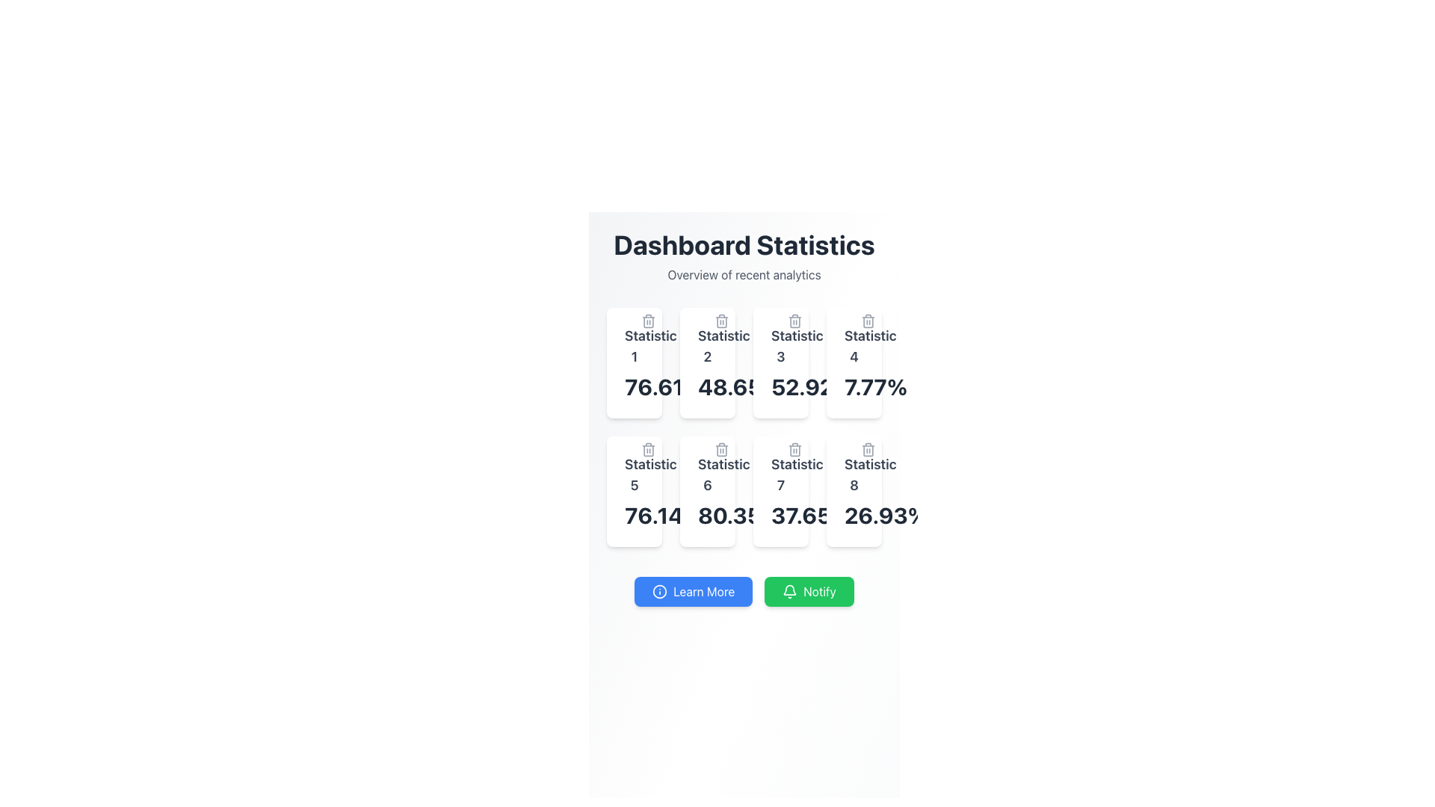 The height and width of the screenshot is (807, 1435). What do you see at coordinates (854, 515) in the screenshot?
I see `the Text Display element that shows '26.93%' in bold font, located in the bottom-right card labeled 'Statistic 8'` at bounding box center [854, 515].